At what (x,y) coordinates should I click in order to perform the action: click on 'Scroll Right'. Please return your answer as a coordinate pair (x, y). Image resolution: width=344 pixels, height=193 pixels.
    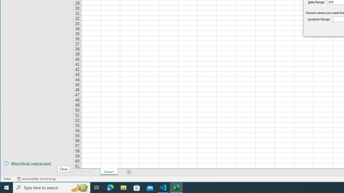
    Looking at the image, I should click on (89, 172).